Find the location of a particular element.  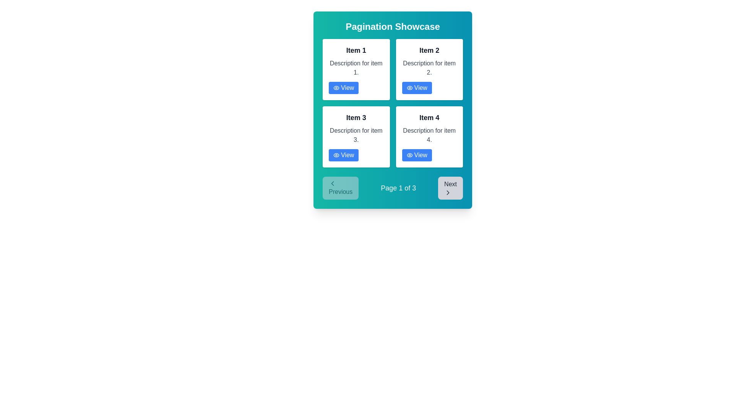

the 'View' button containing an eye-shaped graphical icon located is located at coordinates (336, 88).